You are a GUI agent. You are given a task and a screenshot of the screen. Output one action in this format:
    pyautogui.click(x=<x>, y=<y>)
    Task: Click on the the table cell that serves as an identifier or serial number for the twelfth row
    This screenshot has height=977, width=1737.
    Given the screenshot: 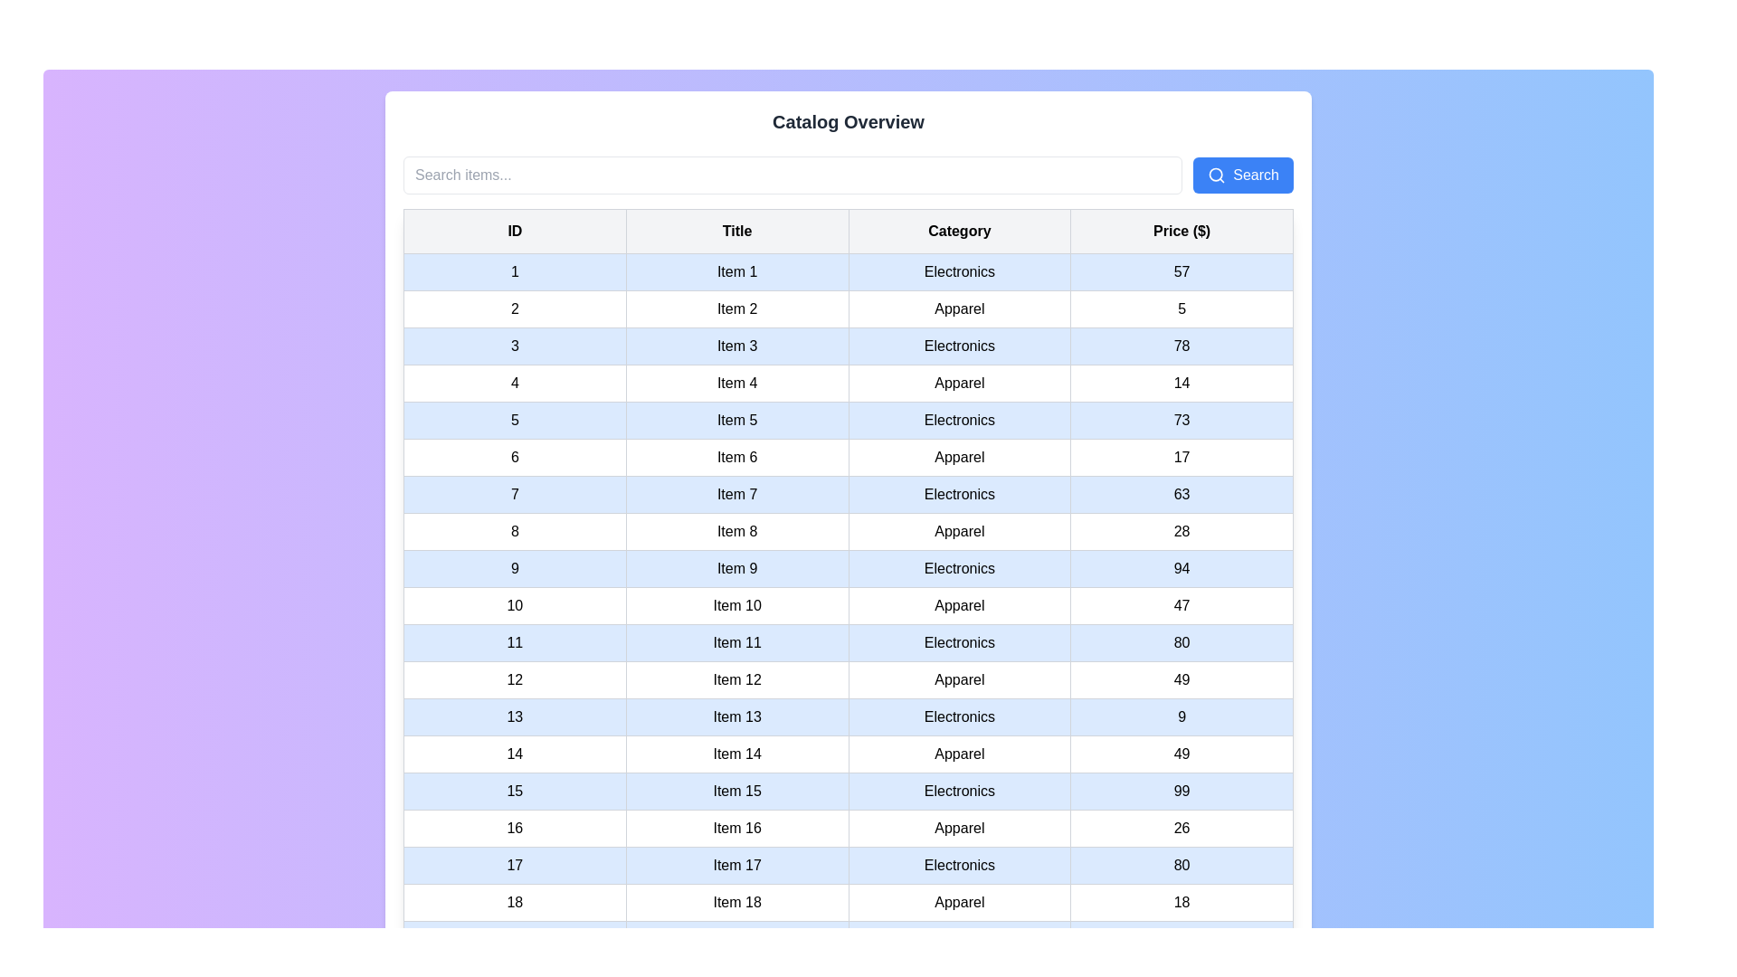 What is the action you would take?
    pyautogui.click(x=514, y=680)
    